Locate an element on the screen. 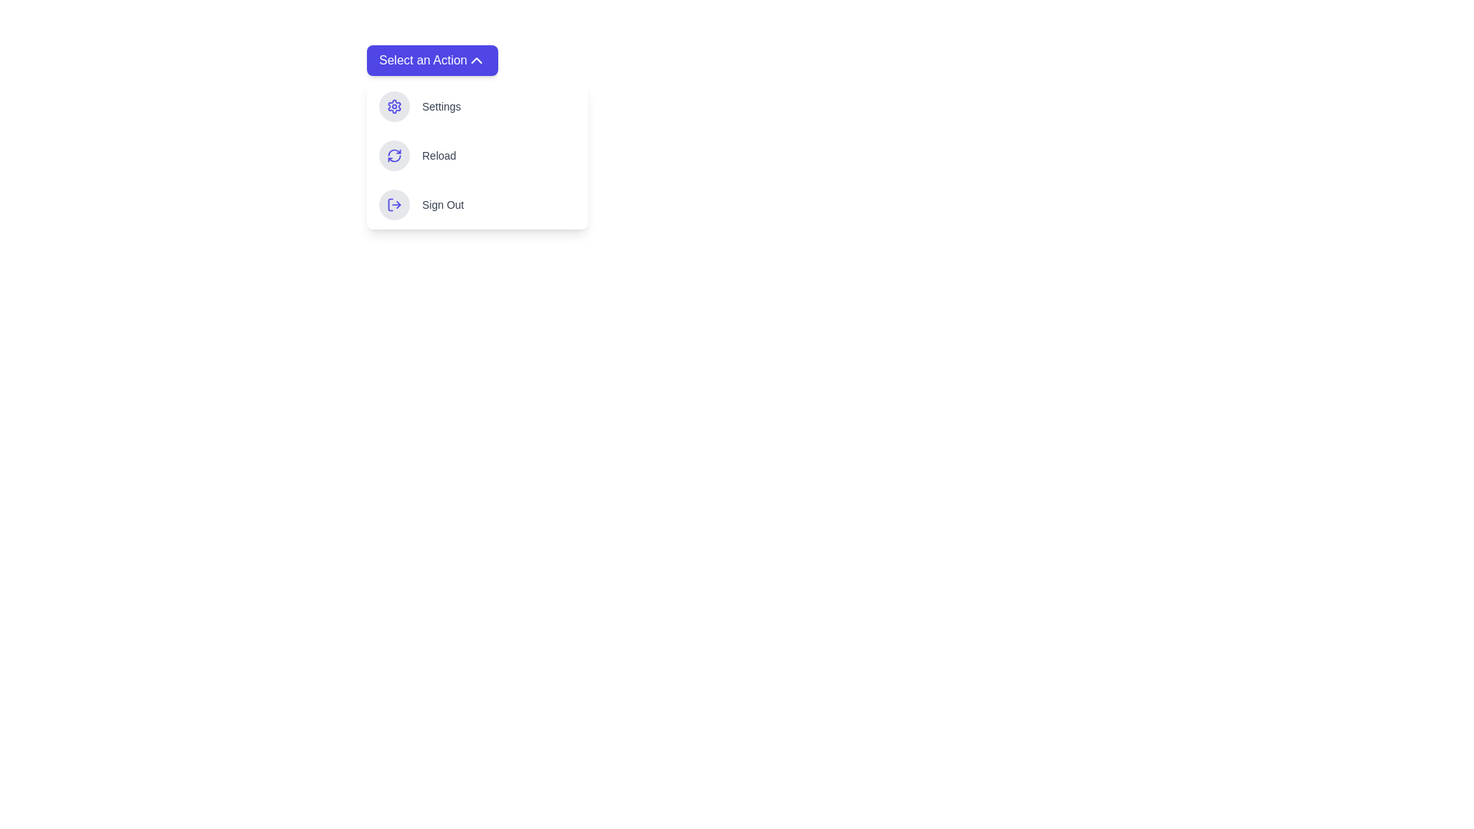  the 'Reload' text label in the menu, which is displayed in gray color and has a refresh icon beside it, to possibly display a tooltip or change its appearance is located at coordinates (438, 156).